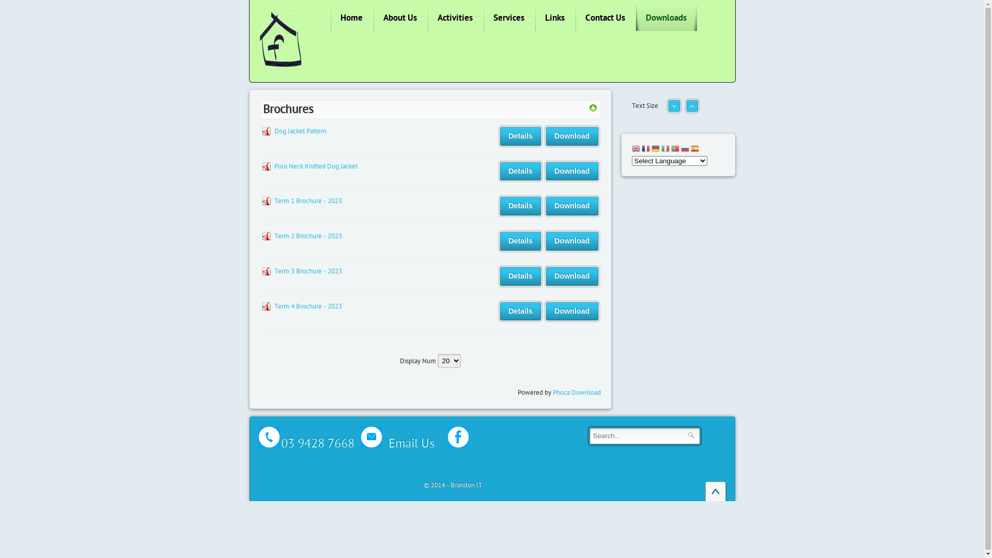 The height and width of the screenshot is (558, 992). Describe the element at coordinates (307, 306) in the screenshot. I see `'Term 4 Brochure - 2023'` at that location.